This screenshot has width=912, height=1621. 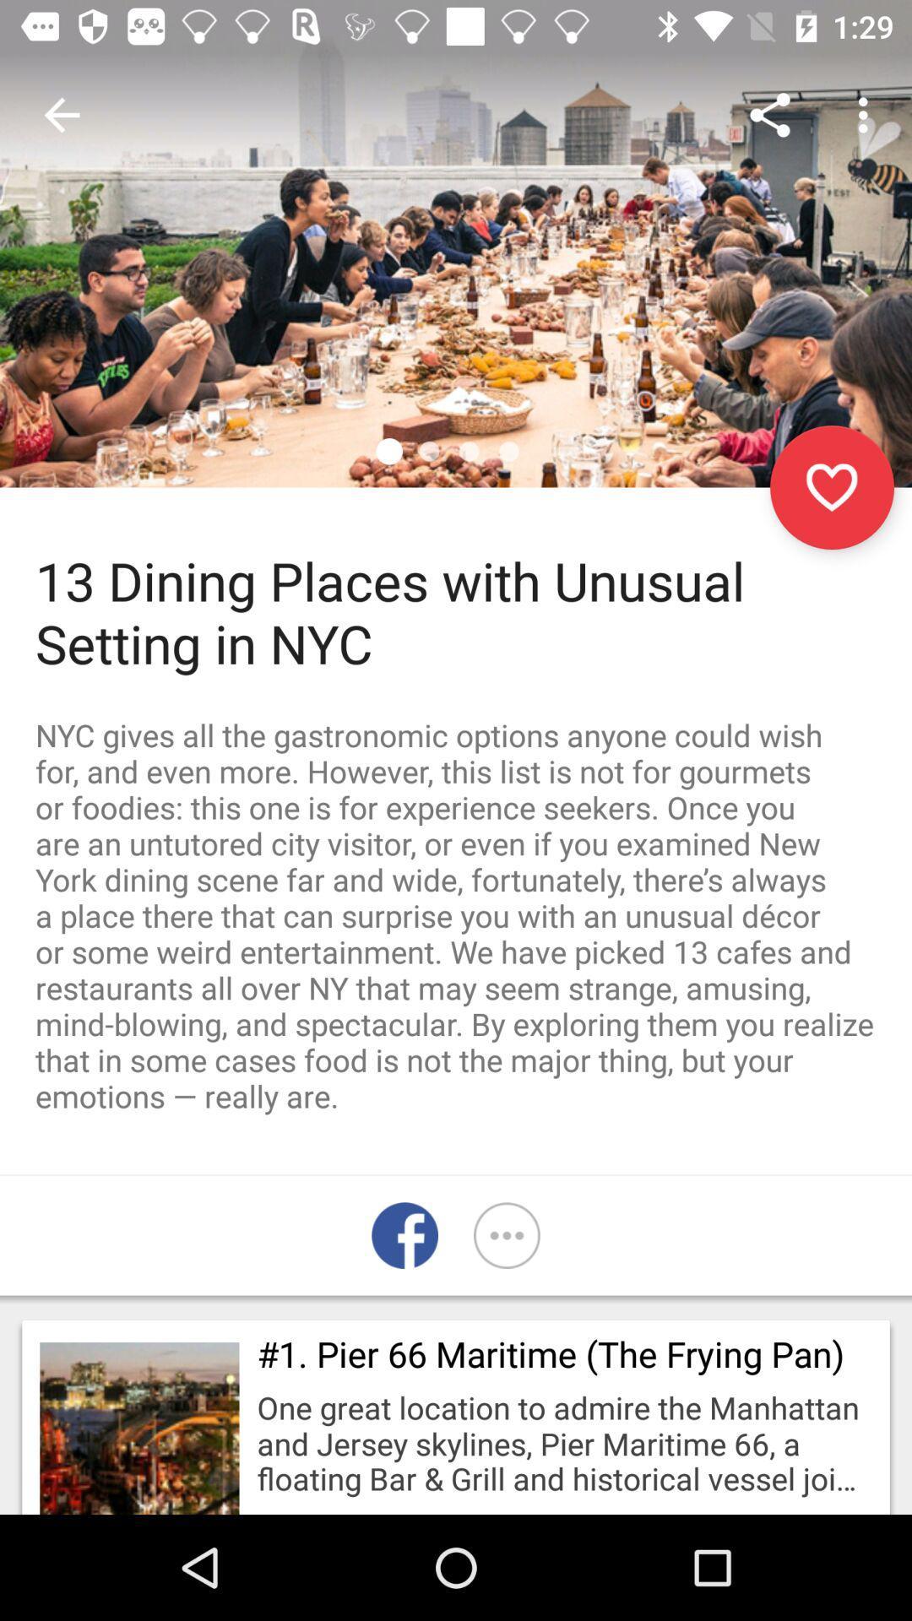 What do you see at coordinates (831, 486) in the screenshot?
I see `to favorite` at bounding box center [831, 486].